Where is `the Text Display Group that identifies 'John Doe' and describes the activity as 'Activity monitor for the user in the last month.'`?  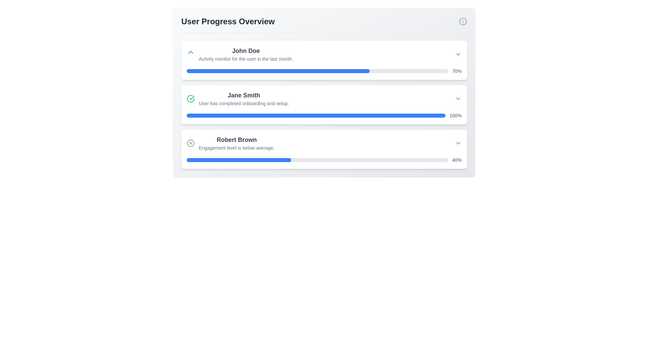
the Text Display Group that identifies 'John Doe' and describes the activity as 'Activity monitor for the user in the last month.' is located at coordinates (245, 54).